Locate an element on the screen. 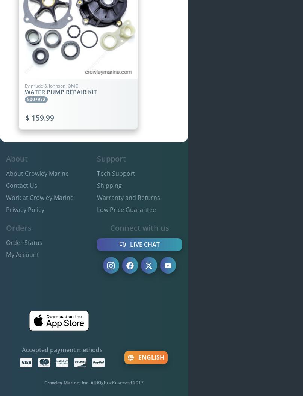  'Orders' is located at coordinates (18, 227).